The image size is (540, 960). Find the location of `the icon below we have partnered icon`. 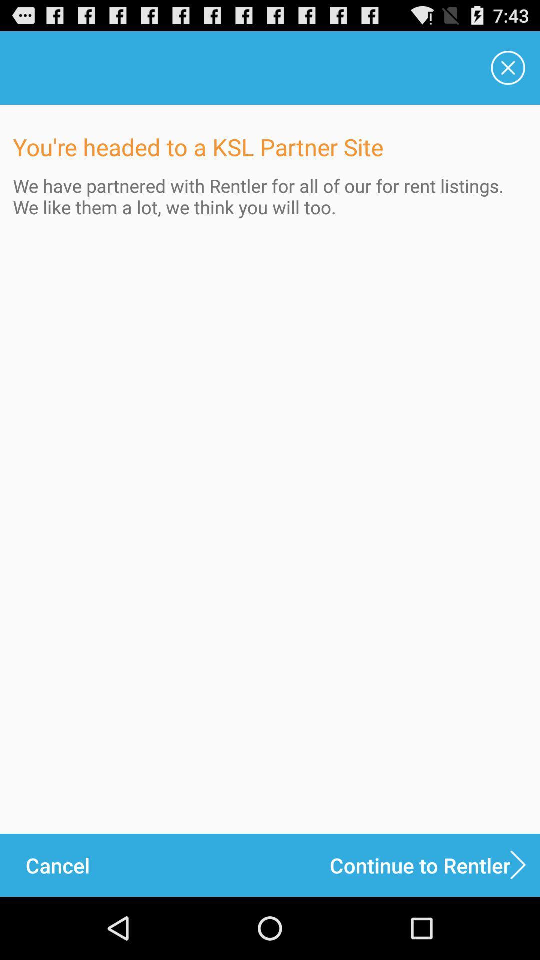

the icon below we have partnered icon is located at coordinates (434, 865).